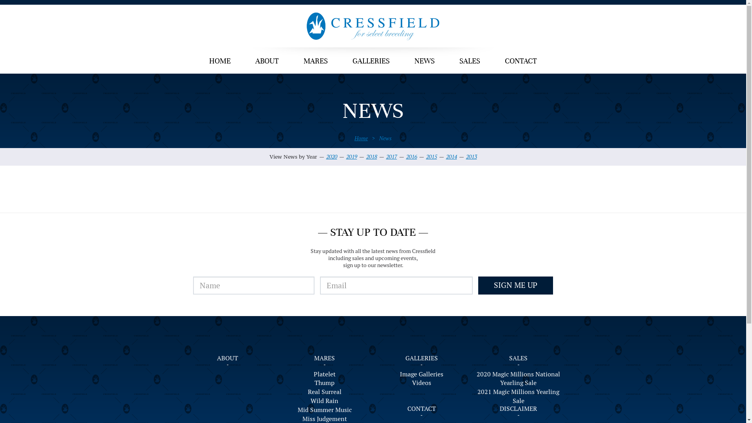 Image resolution: width=752 pixels, height=423 pixels. I want to click on '2018', so click(371, 157).